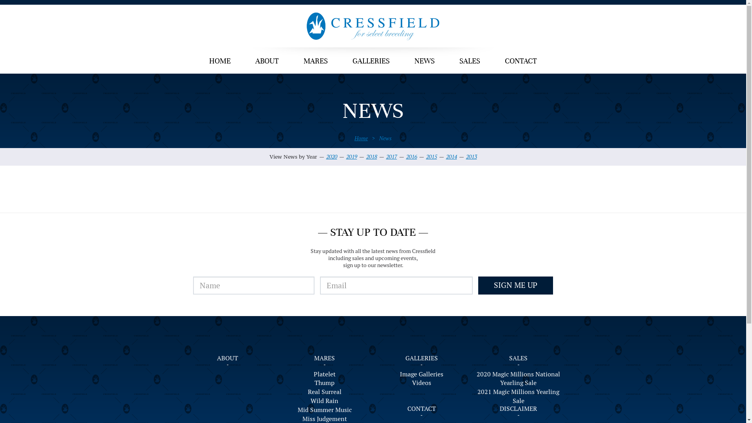 Image resolution: width=752 pixels, height=423 pixels. I want to click on '2018', so click(371, 157).